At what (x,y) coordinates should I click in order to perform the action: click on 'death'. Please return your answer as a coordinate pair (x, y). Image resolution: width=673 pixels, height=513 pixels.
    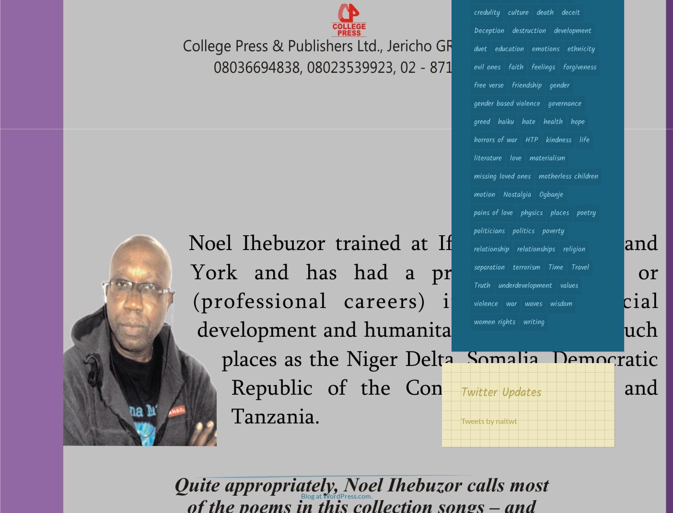
    Looking at the image, I should click on (536, 12).